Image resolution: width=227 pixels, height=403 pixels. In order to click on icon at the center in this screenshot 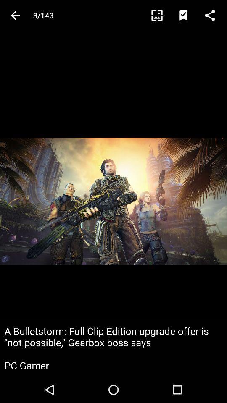, I will do `click(113, 201)`.